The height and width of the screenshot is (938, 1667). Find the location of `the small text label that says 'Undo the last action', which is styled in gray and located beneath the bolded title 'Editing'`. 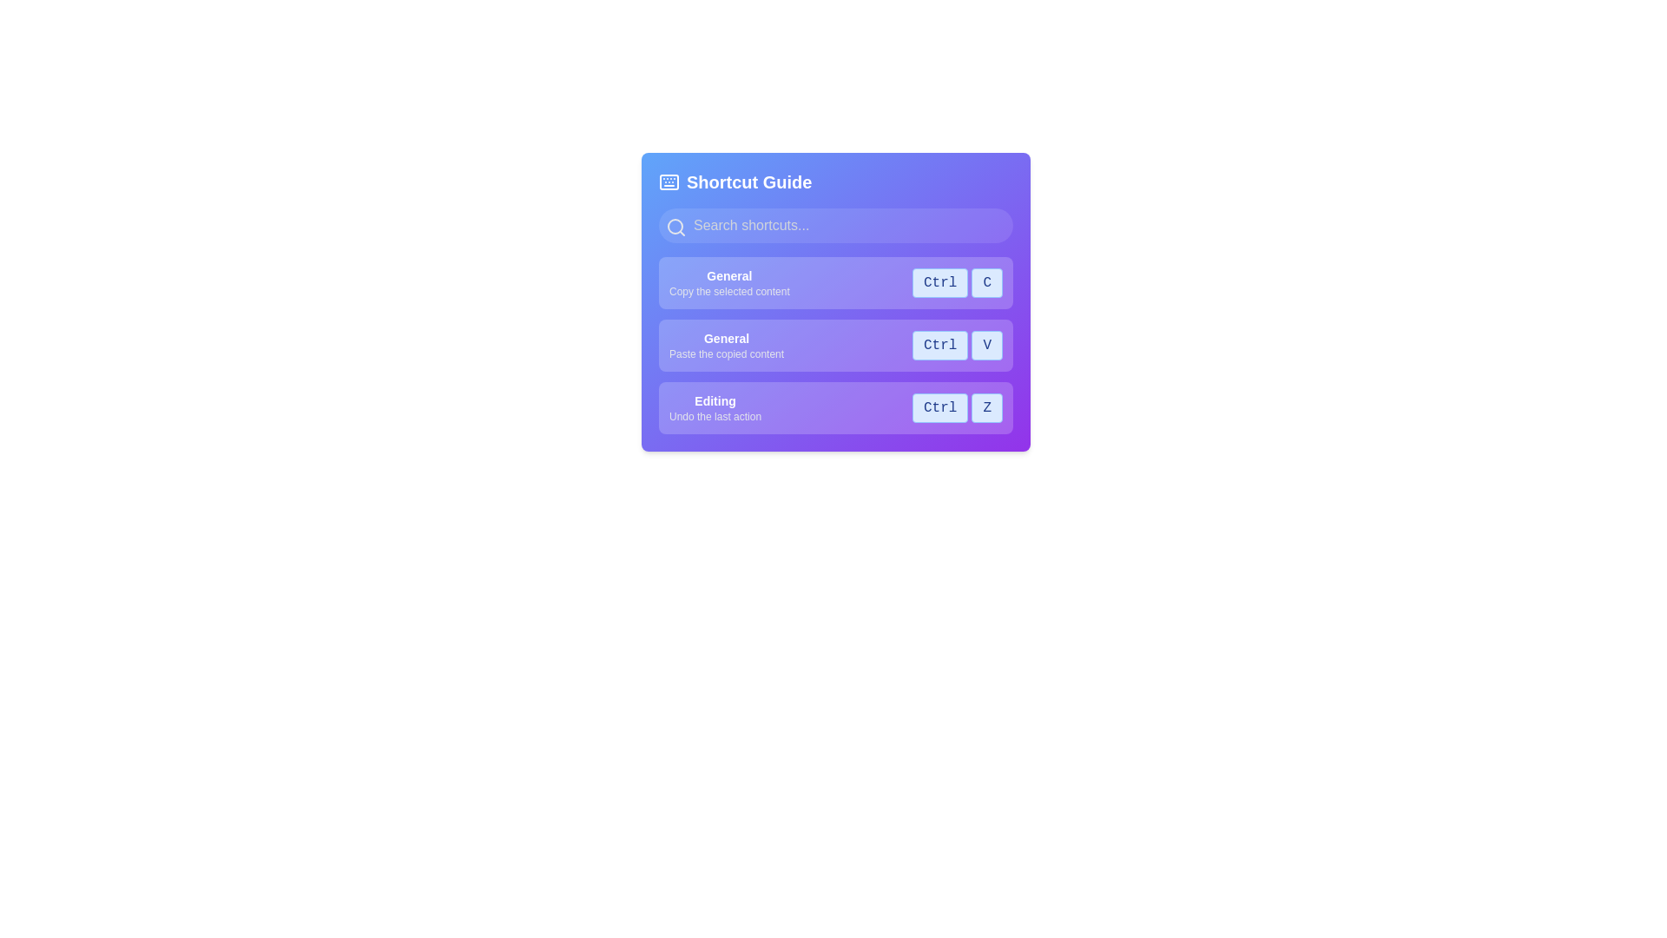

the small text label that says 'Undo the last action', which is styled in gray and located beneath the bolded title 'Editing' is located at coordinates (715, 416).